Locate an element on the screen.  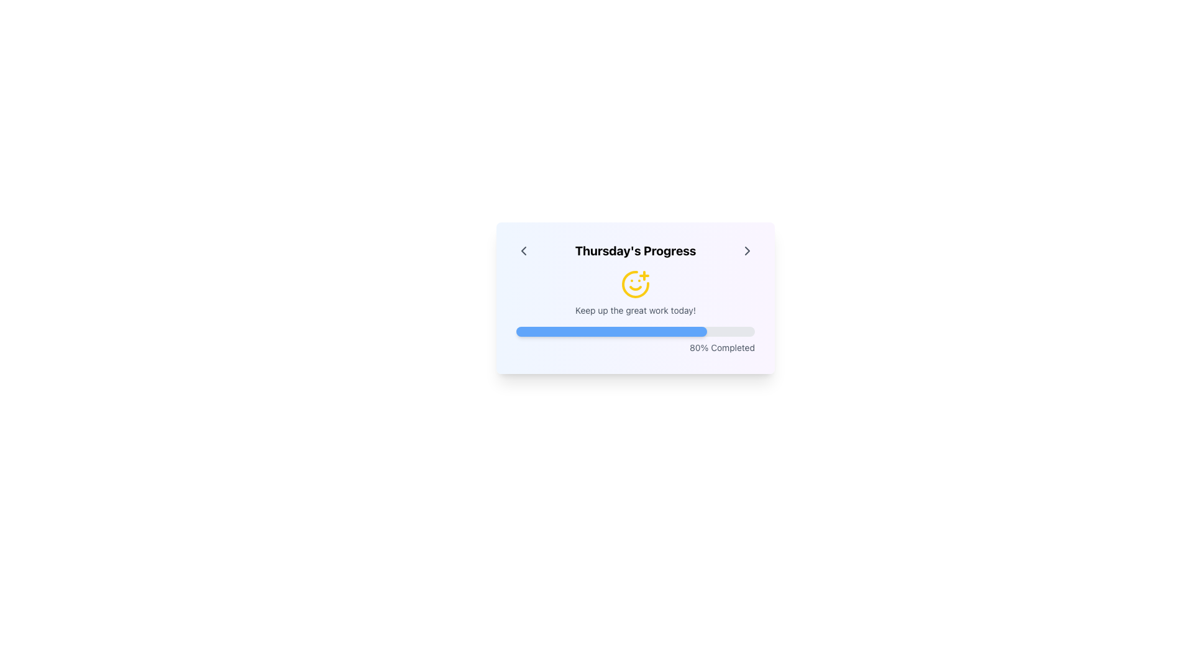
the blue horizontal progress indicator that is partially filled within a larger gray bar, located slightly below the center of the card interface is located at coordinates (611, 331).